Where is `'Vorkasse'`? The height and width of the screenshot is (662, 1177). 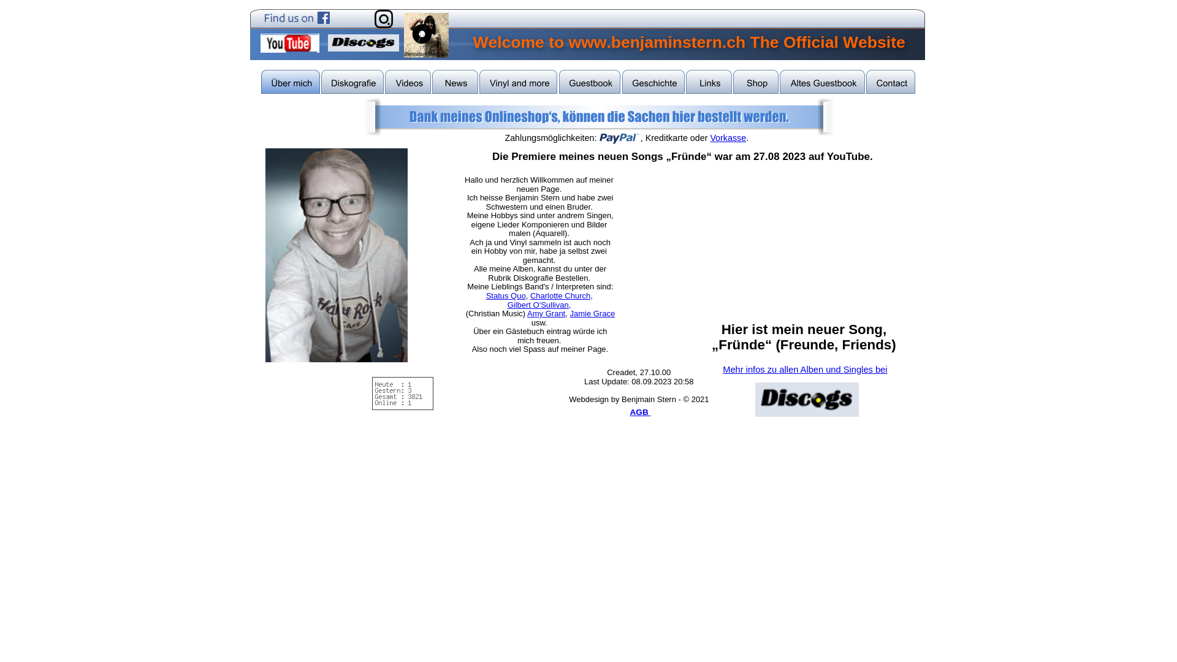 'Vorkasse' is located at coordinates (728, 137).